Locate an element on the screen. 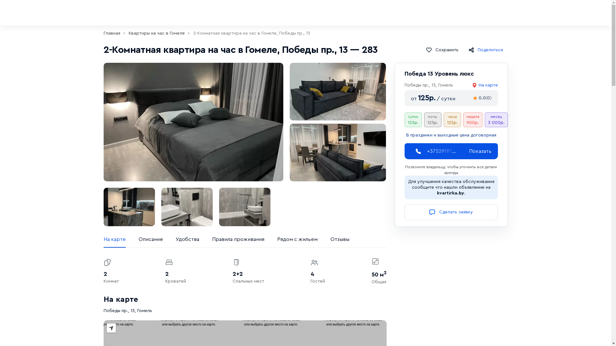  '+3752919726' is located at coordinates (441, 151).